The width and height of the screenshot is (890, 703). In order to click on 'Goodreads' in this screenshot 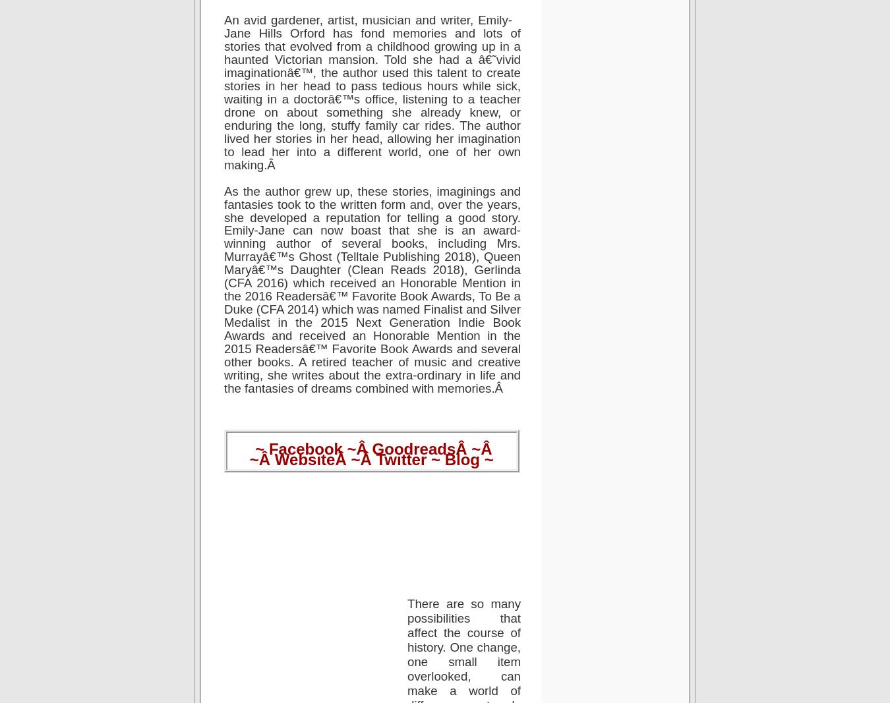, I will do `click(413, 448)`.